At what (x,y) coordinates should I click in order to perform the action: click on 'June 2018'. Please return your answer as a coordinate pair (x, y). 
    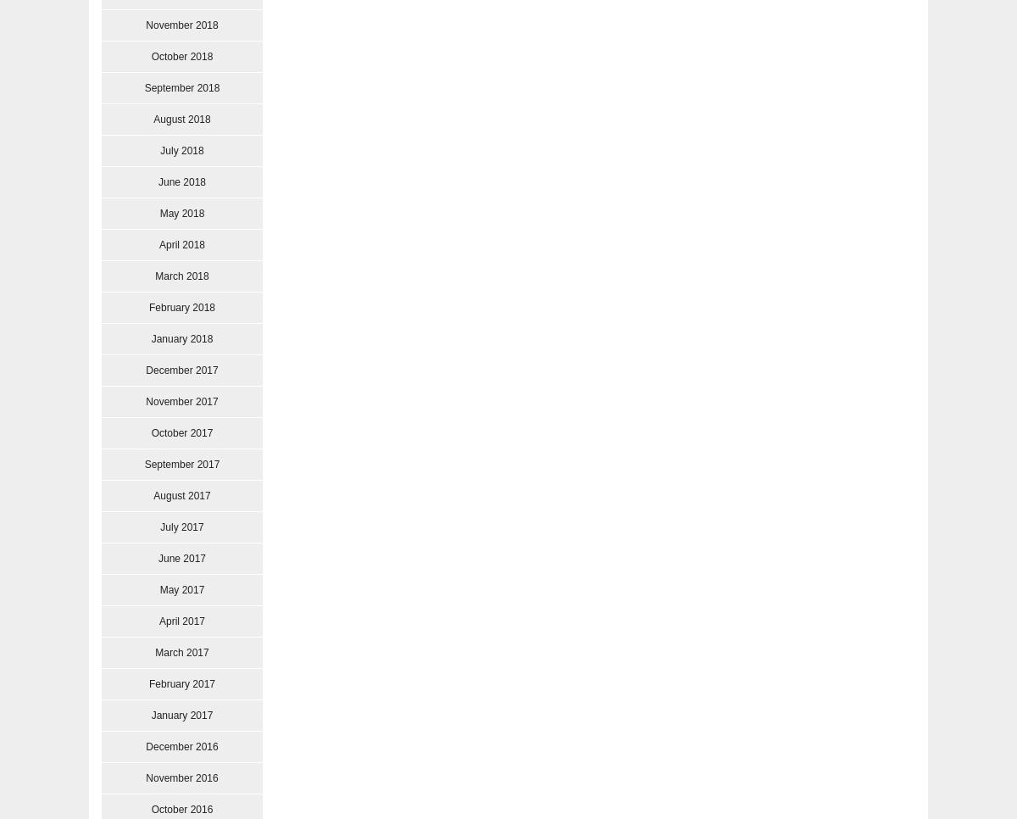
    Looking at the image, I should click on (181, 181).